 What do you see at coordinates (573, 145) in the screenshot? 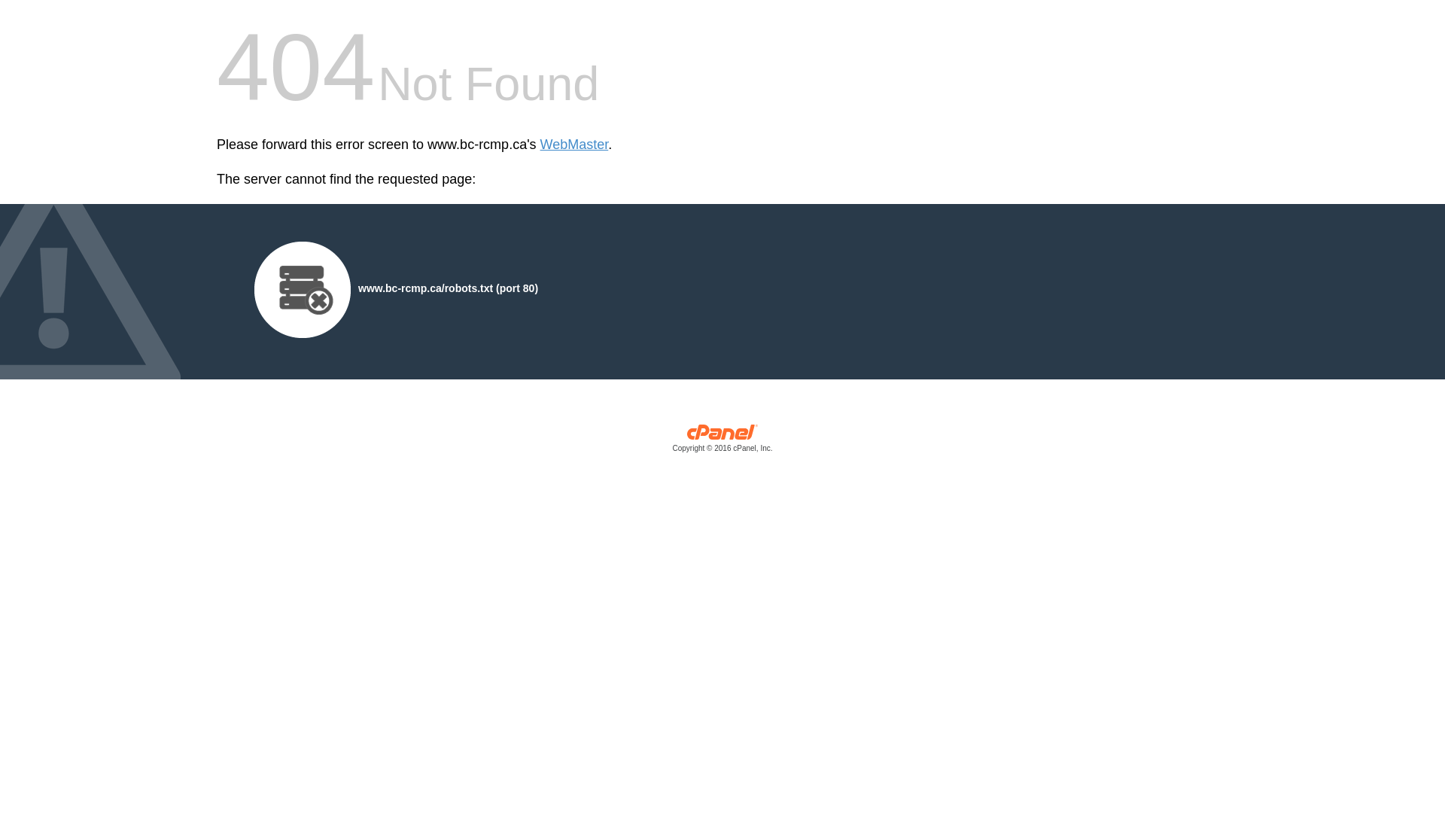
I see `'WebMaster'` at bounding box center [573, 145].